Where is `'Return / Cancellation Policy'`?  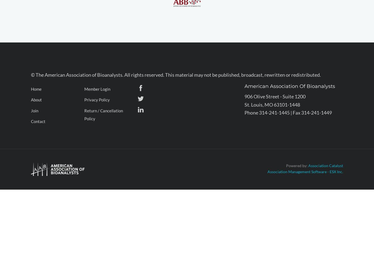 'Return / Cancellation Policy' is located at coordinates (103, 115).